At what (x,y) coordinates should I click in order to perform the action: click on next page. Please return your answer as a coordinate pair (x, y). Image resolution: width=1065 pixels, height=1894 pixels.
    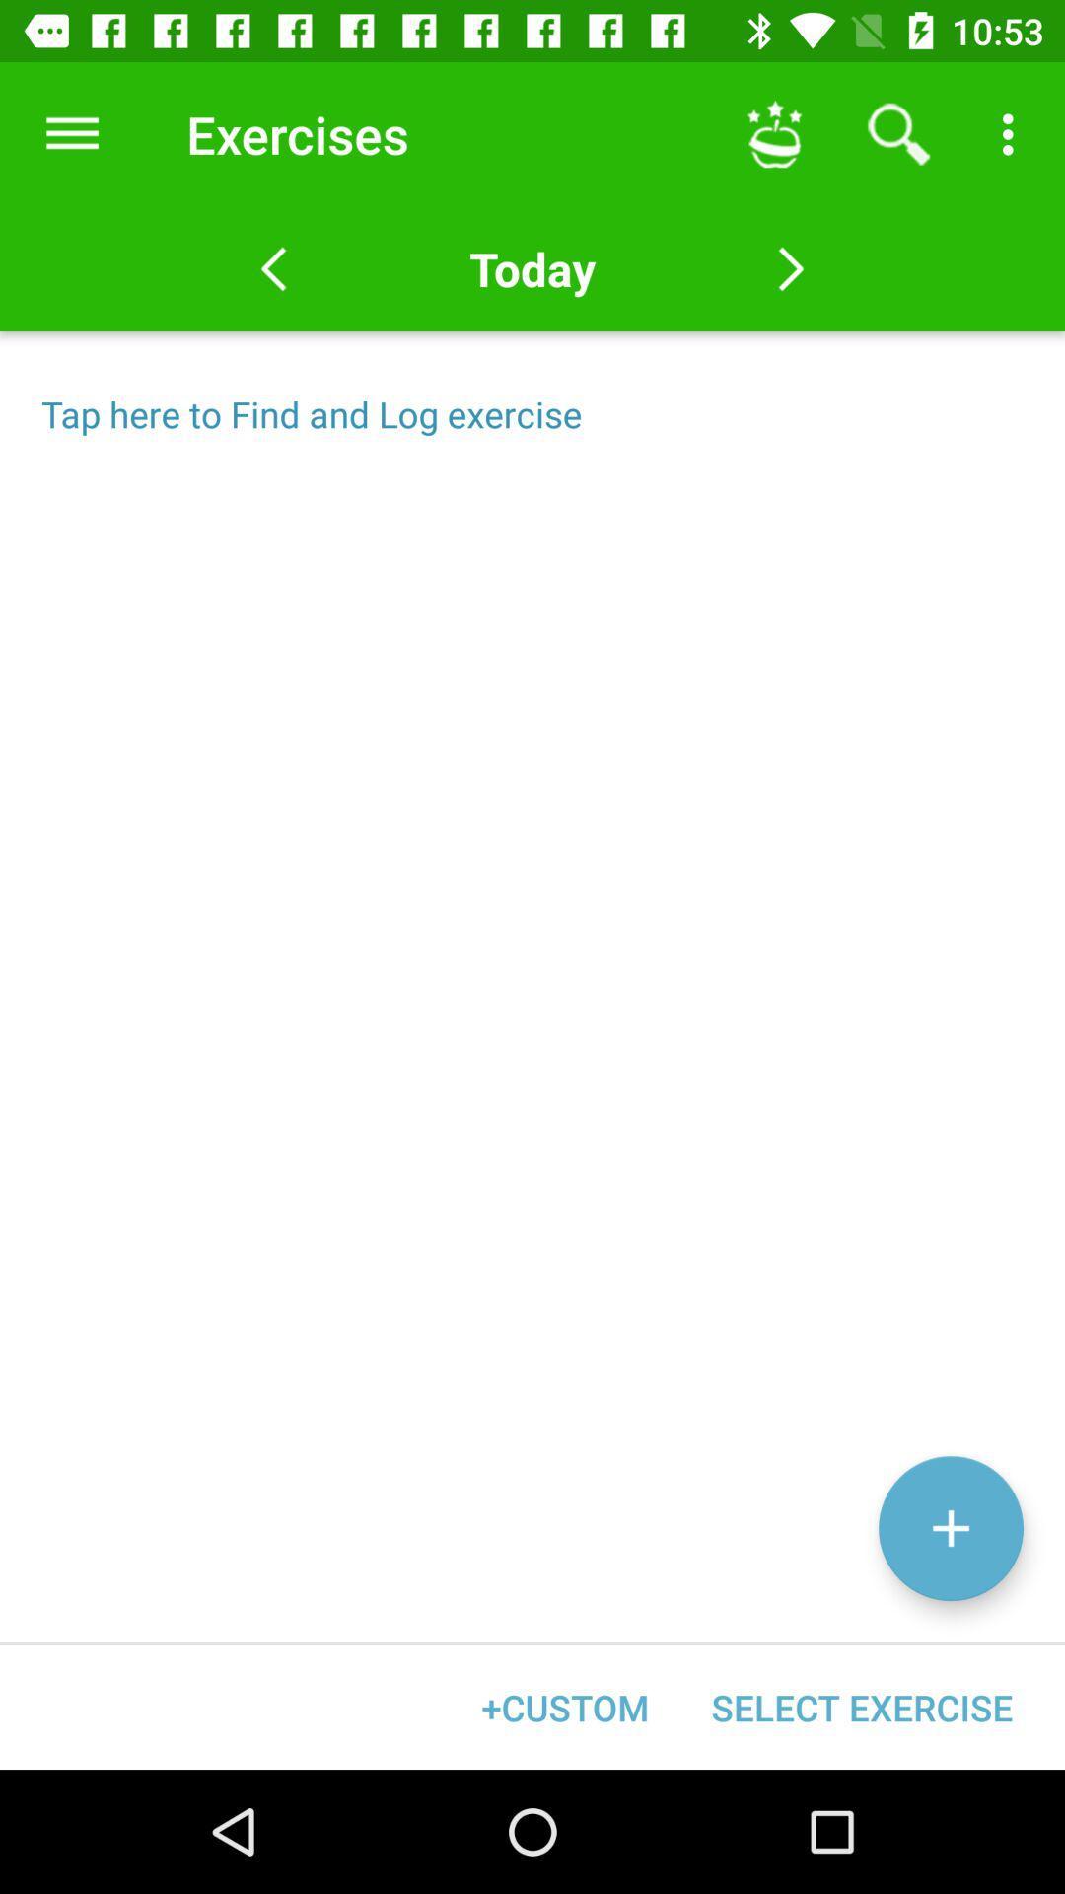
    Looking at the image, I should click on (790, 268).